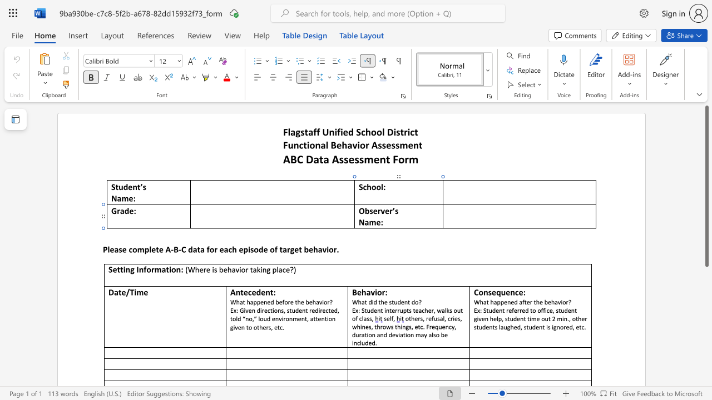  Describe the element at coordinates (249, 292) in the screenshot. I see `the 1th character "c" in the text` at that location.